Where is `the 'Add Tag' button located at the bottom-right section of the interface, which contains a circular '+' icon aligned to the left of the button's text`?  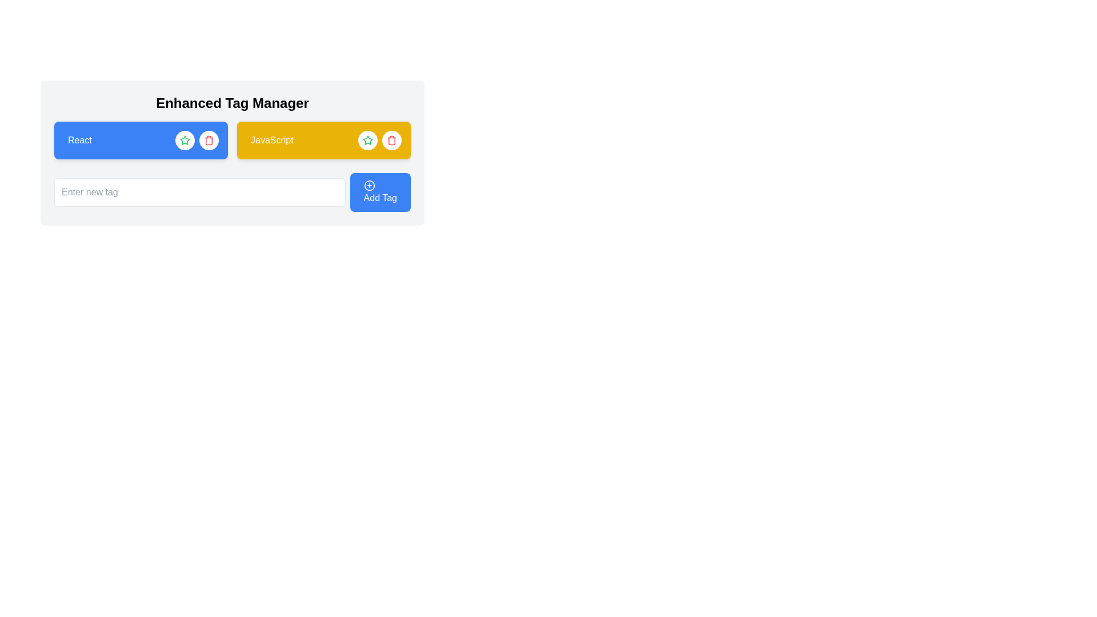 the 'Add Tag' button located at the bottom-right section of the interface, which contains a circular '+' icon aligned to the left of the button's text is located at coordinates (369, 185).